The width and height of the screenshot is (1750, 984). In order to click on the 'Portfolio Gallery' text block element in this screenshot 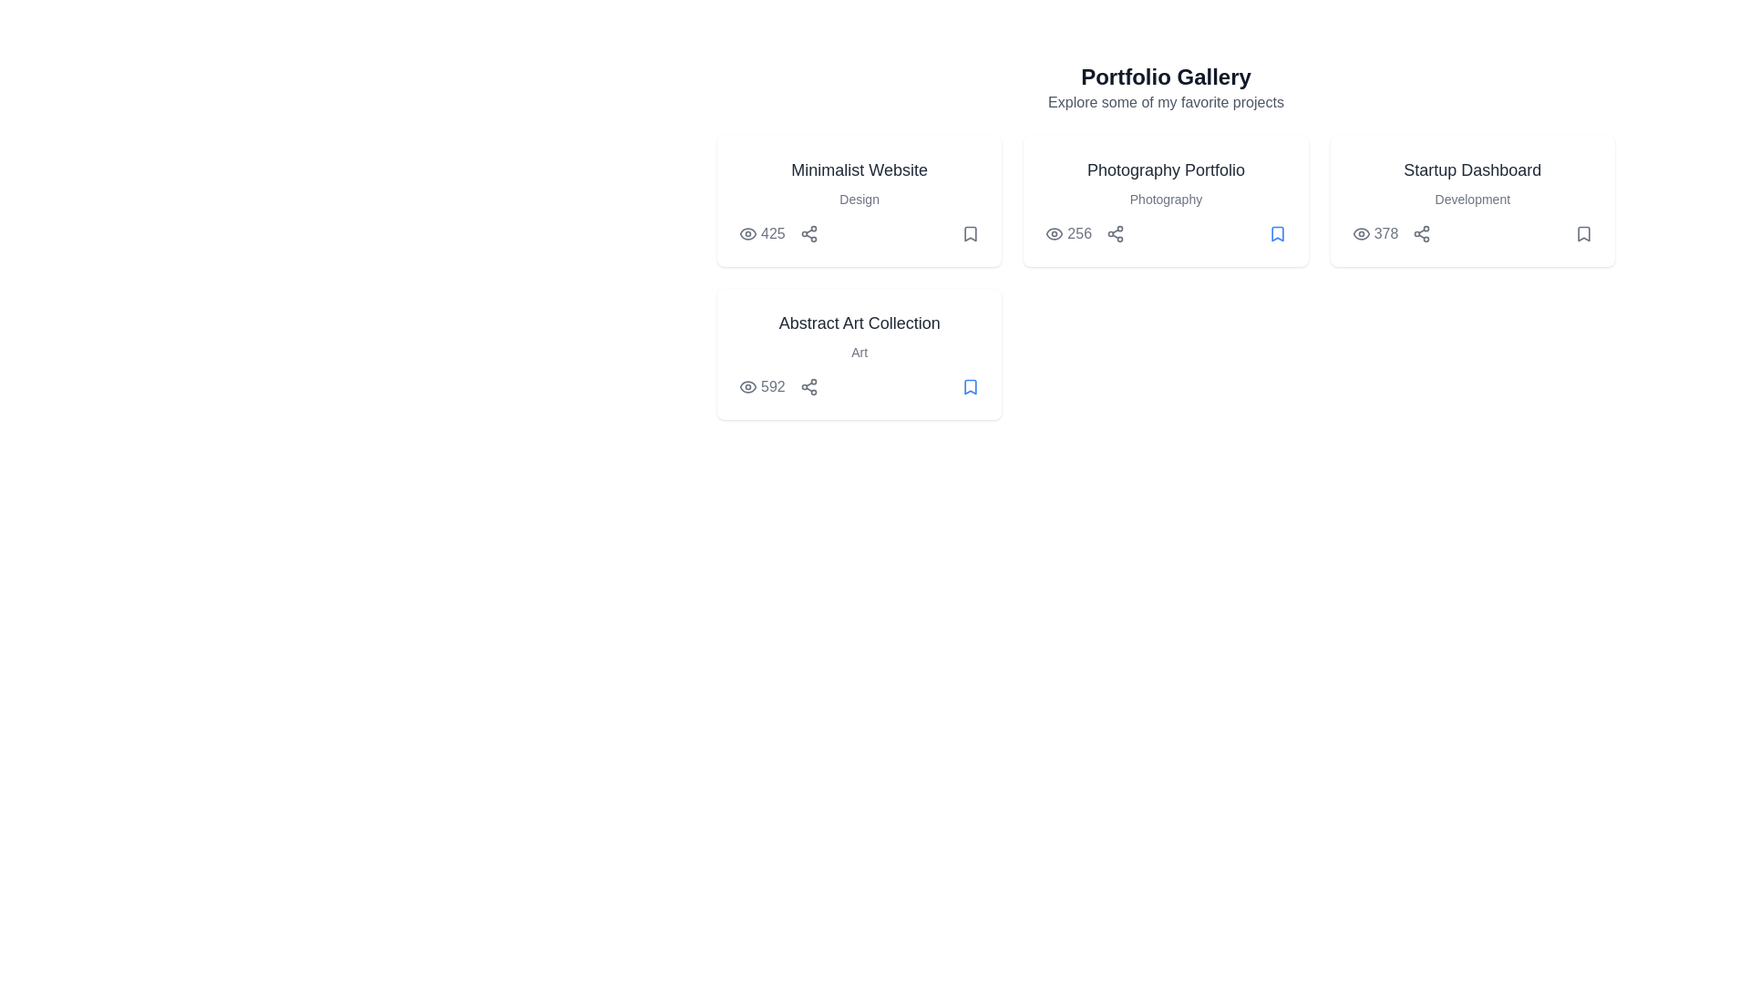, I will do `click(1165, 87)`.